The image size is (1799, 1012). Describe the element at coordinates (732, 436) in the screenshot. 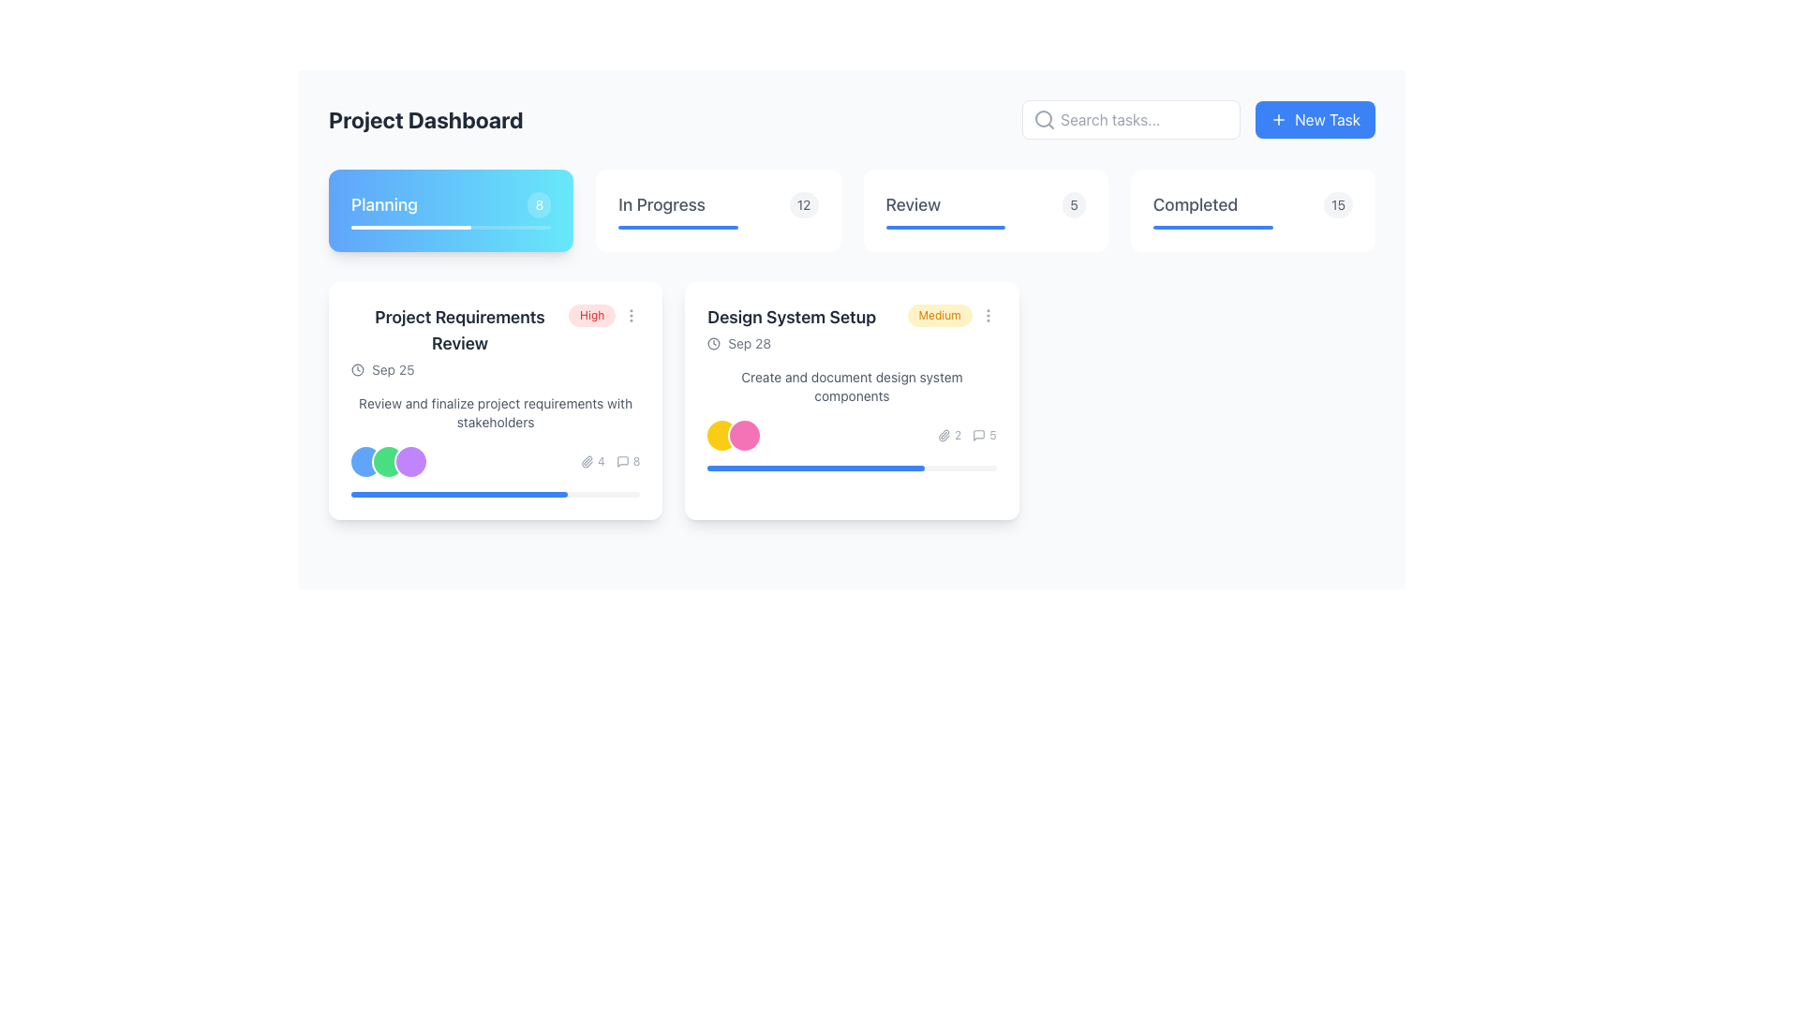

I see `the user avatar group consisting of two circular icons, one yellow with 'John' and another pink with 'Lisa'` at that location.